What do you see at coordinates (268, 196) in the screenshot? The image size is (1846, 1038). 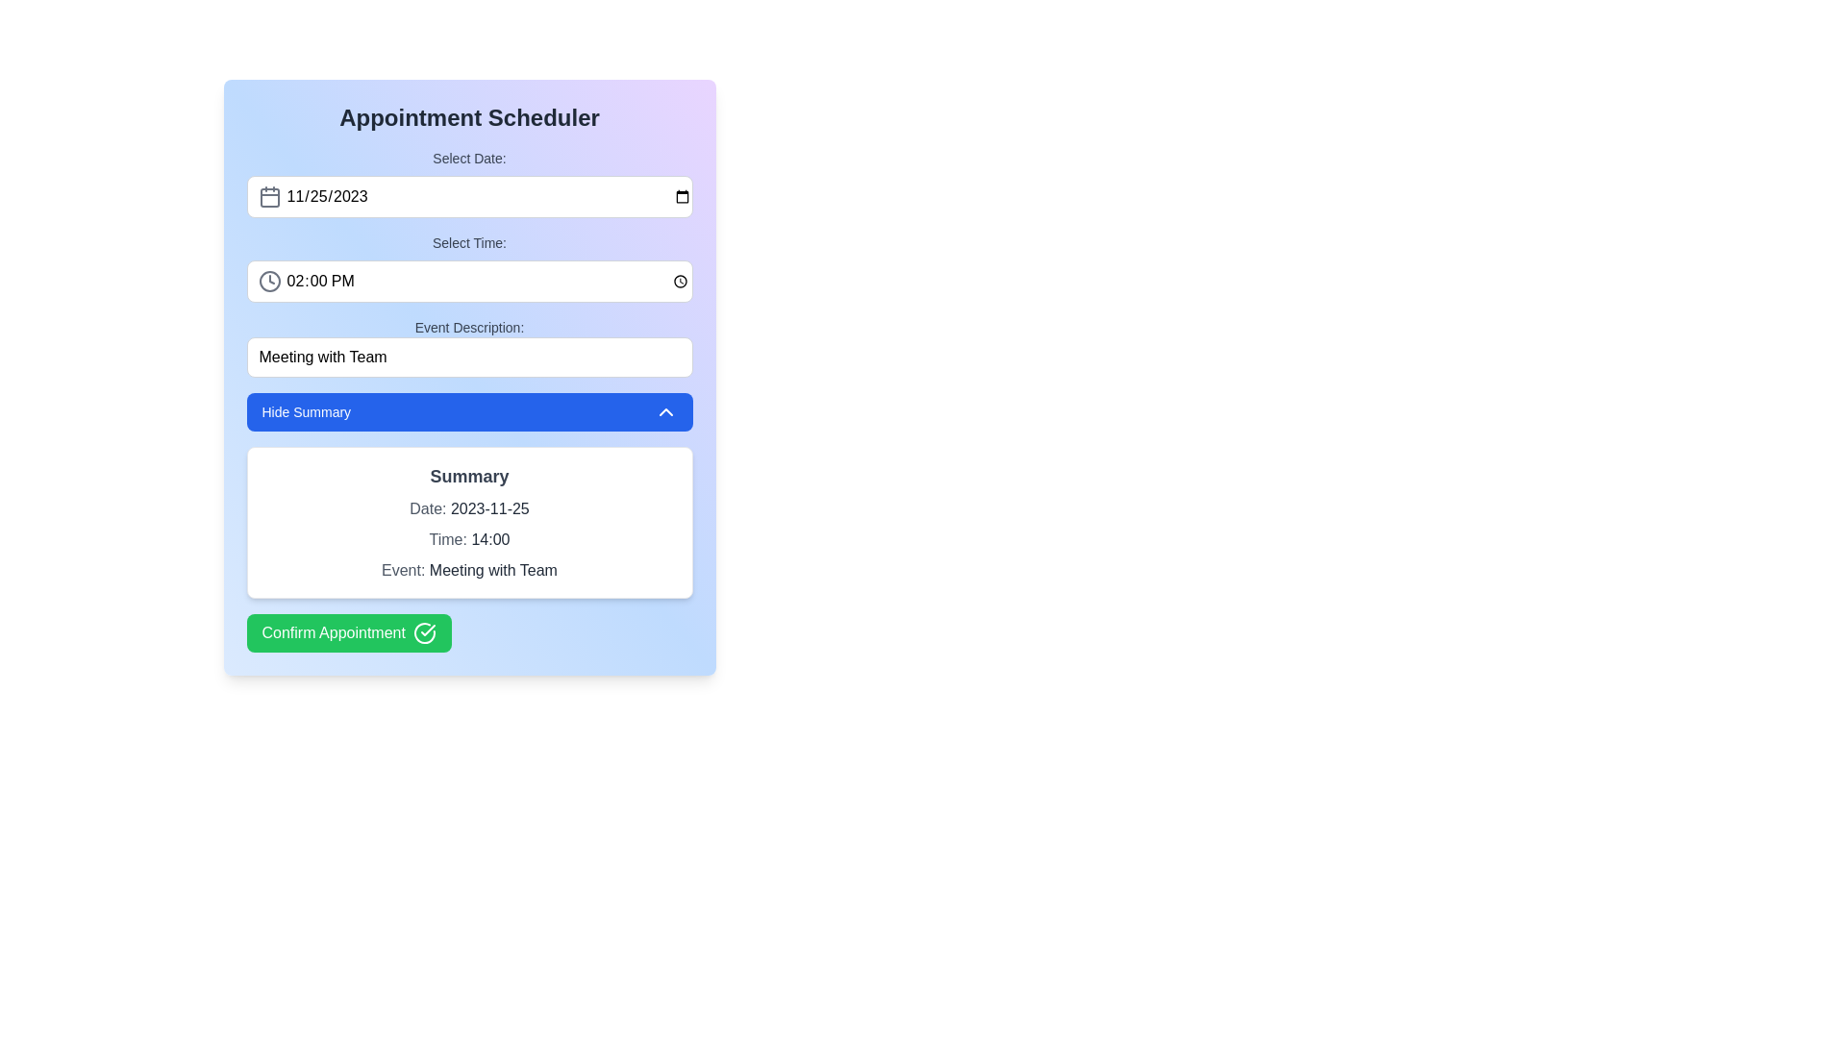 I see `the gray calendar icon located to the left of the date input box` at bounding box center [268, 196].